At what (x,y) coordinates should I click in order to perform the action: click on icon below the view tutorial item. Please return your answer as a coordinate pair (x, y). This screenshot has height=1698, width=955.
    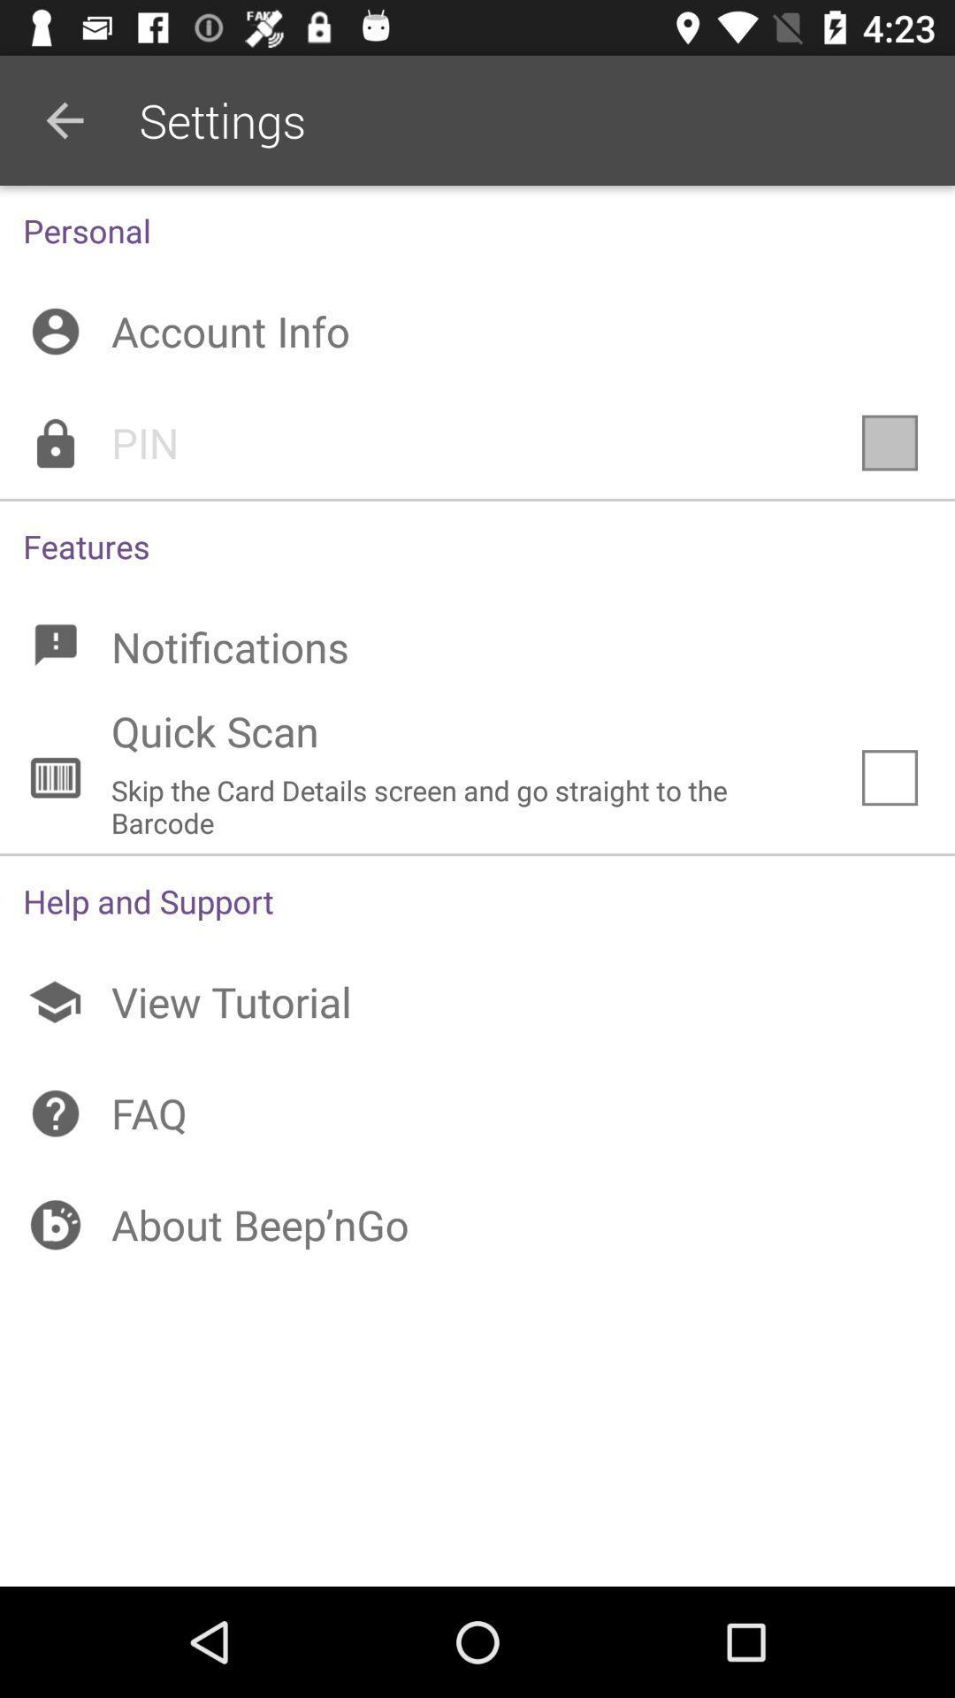
    Looking at the image, I should click on (477, 1113).